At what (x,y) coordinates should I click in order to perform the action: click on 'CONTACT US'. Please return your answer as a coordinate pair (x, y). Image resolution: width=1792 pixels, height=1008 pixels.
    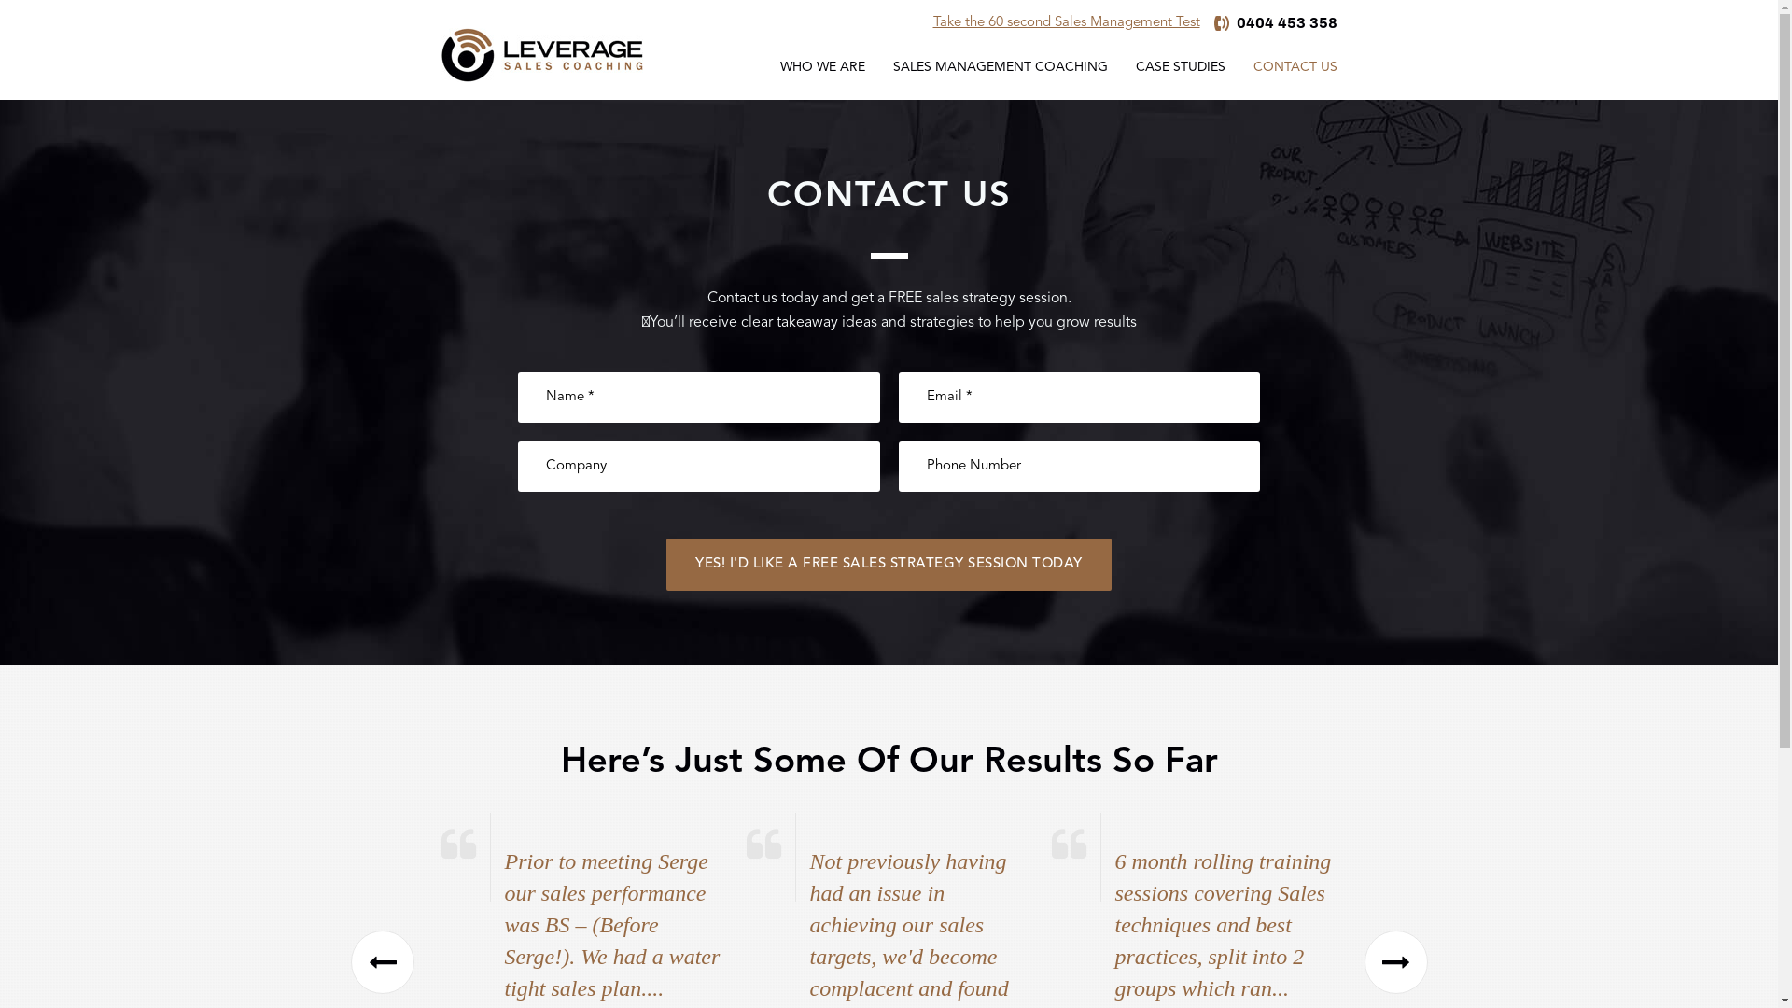
    Looking at the image, I should click on (1294, 66).